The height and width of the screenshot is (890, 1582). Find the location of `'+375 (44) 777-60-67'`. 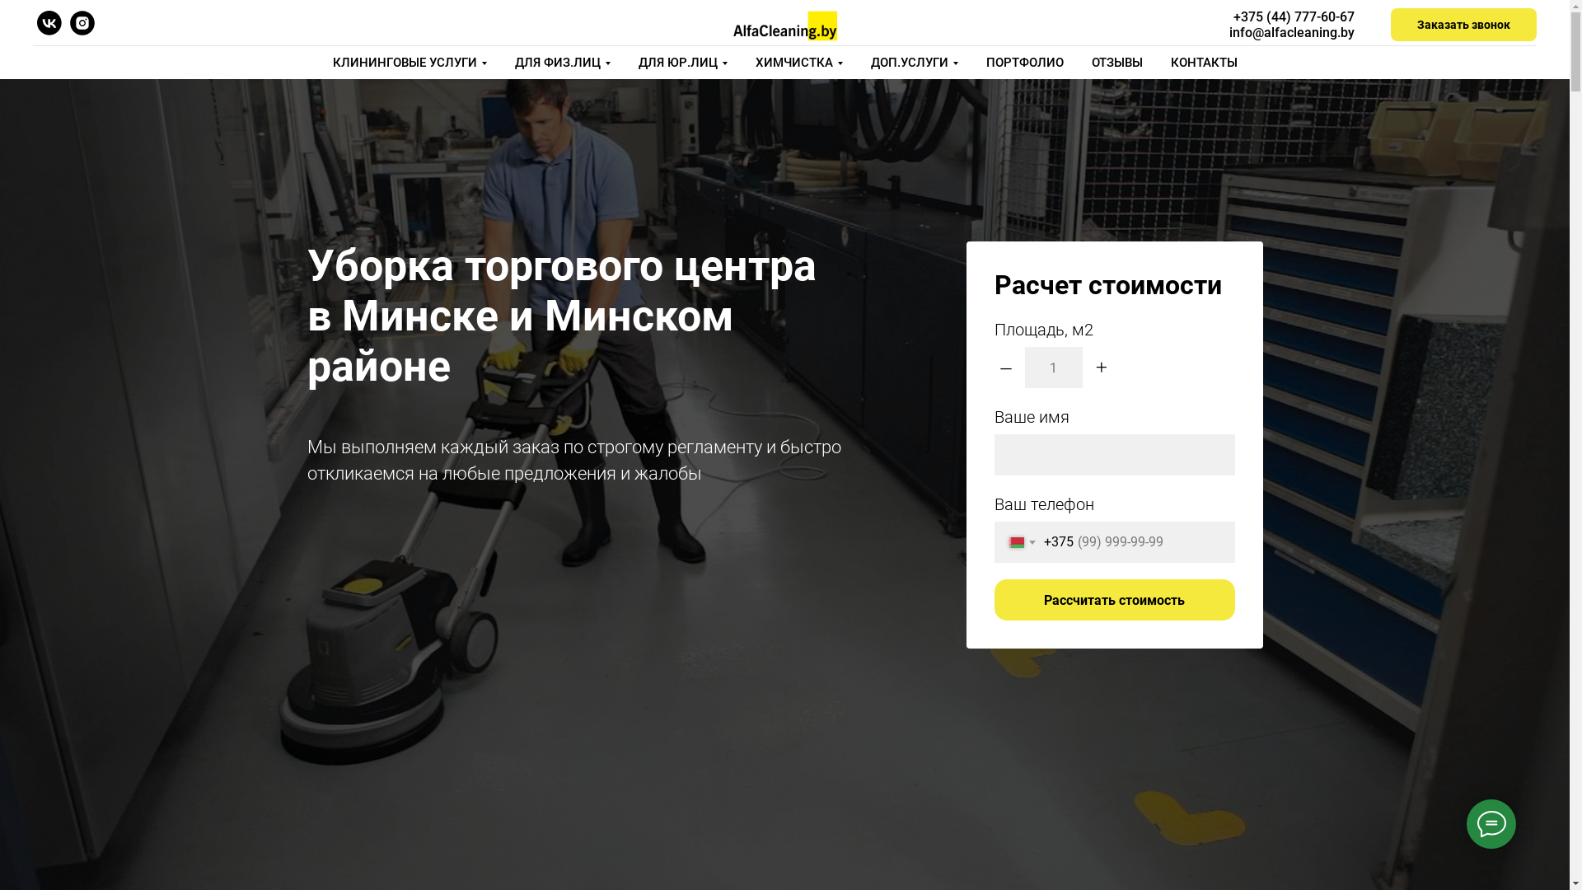

'+375 (44) 777-60-67' is located at coordinates (1293, 16).